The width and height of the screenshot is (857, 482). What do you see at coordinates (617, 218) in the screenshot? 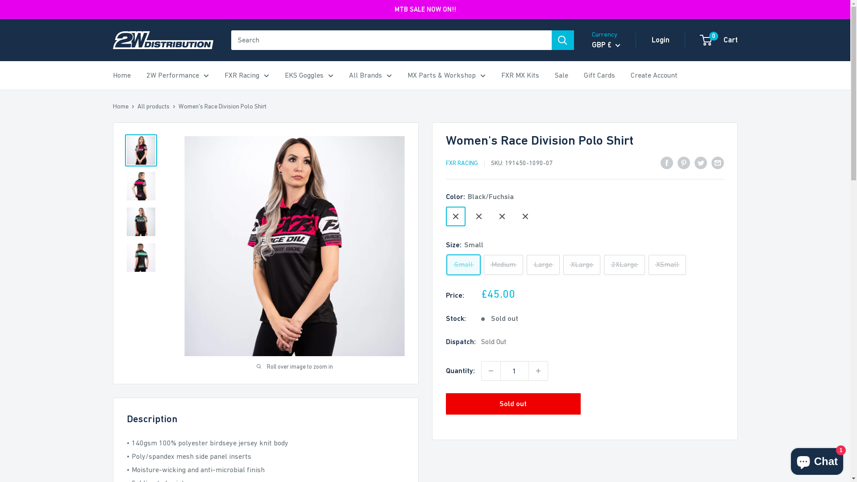
I see `'ISK'` at bounding box center [617, 218].